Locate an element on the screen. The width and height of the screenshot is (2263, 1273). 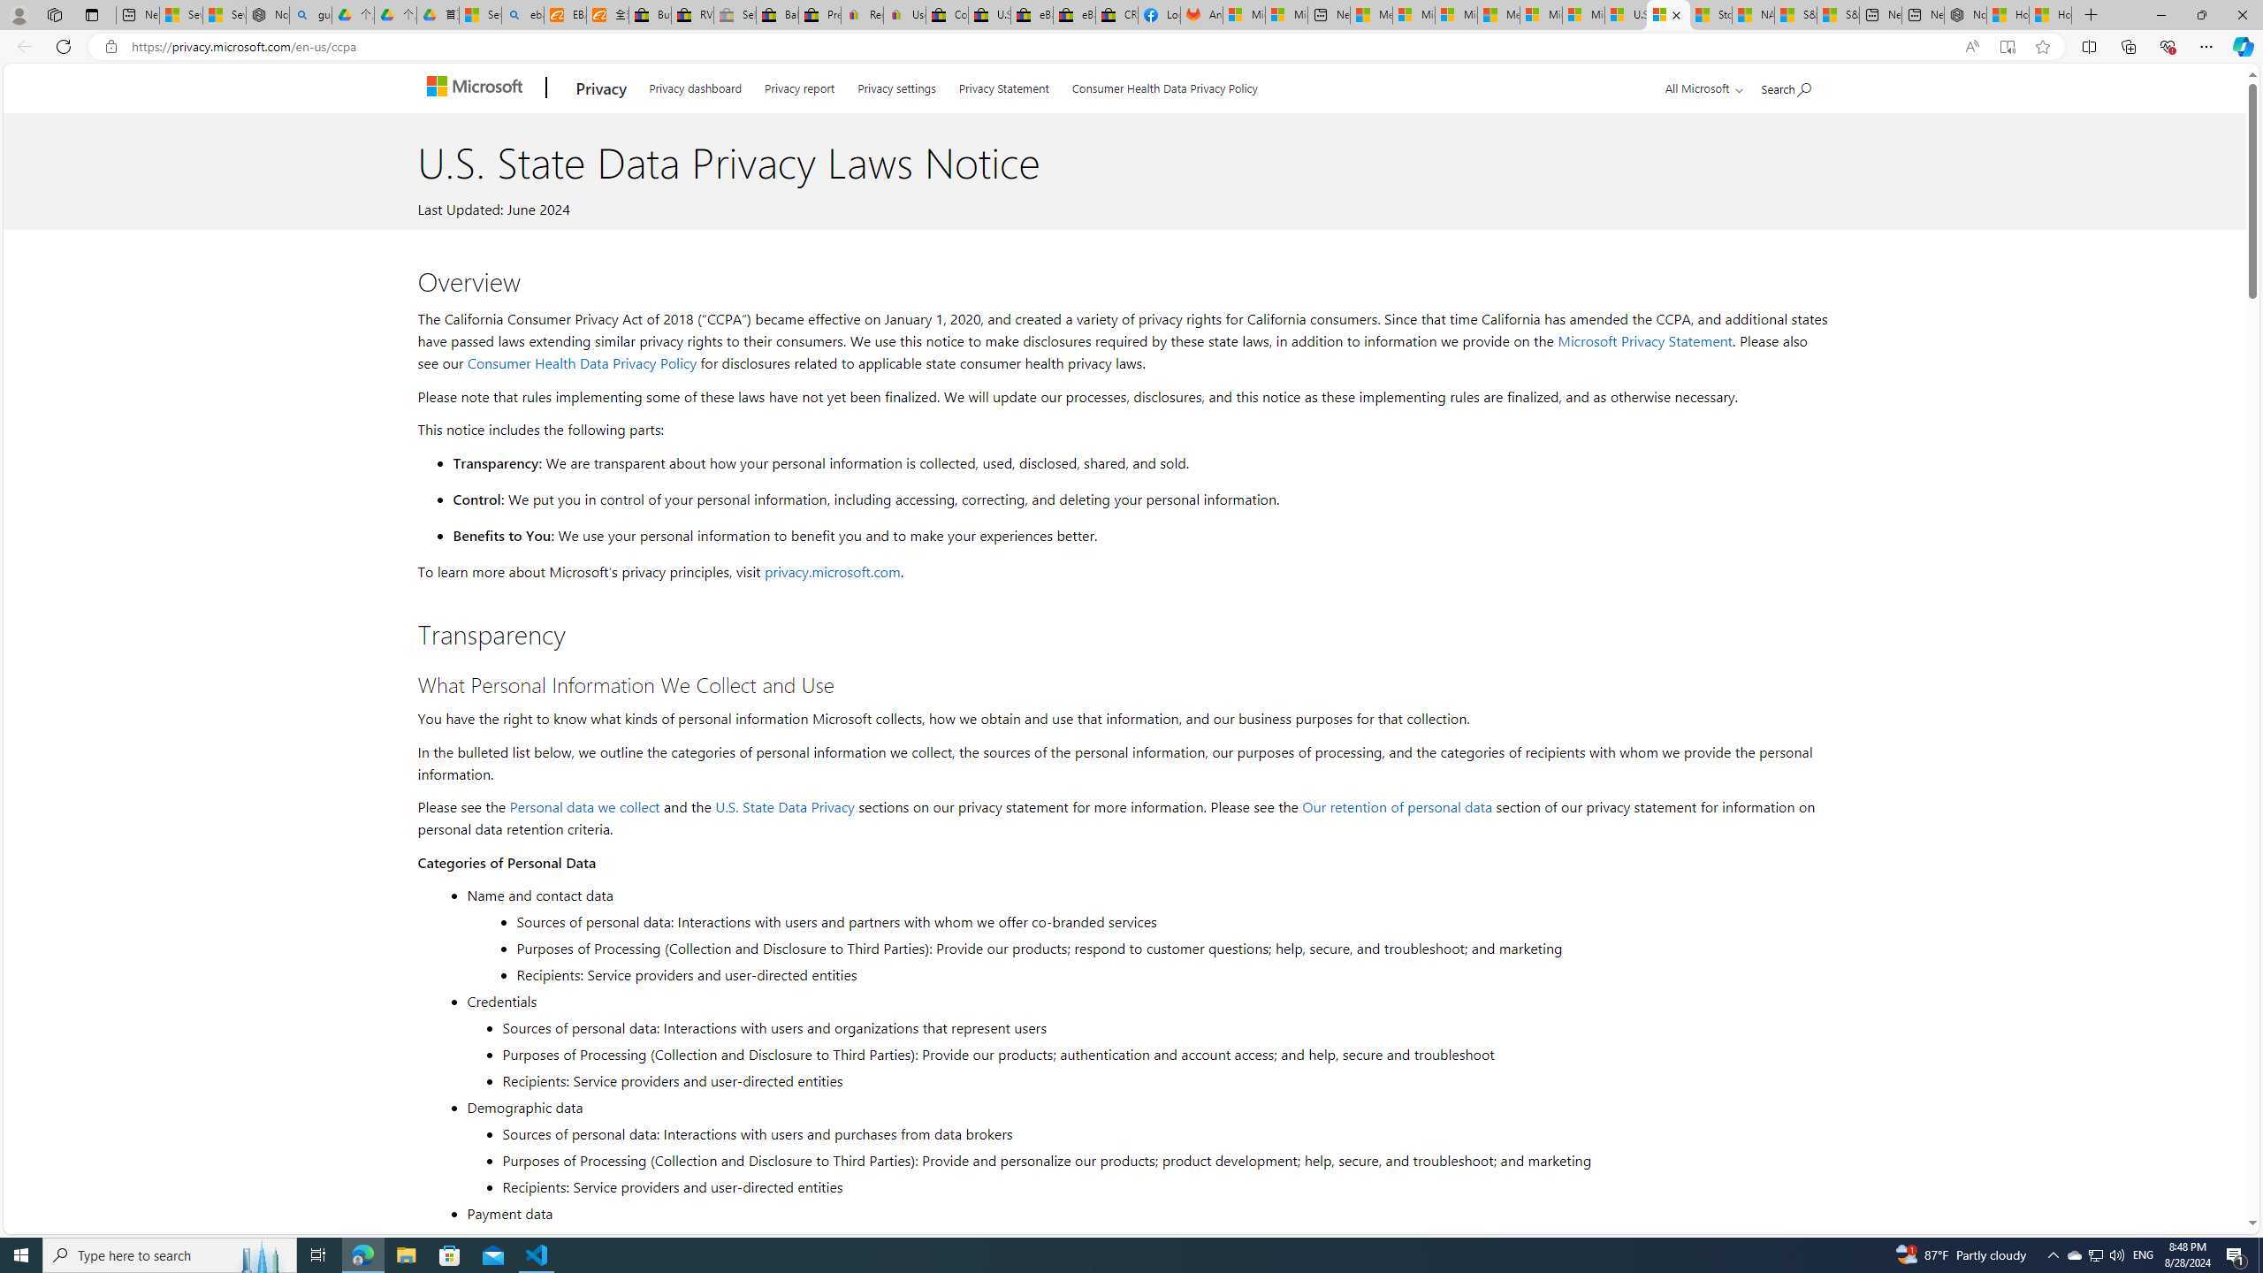
'Personal data we collect' is located at coordinates (583, 805).